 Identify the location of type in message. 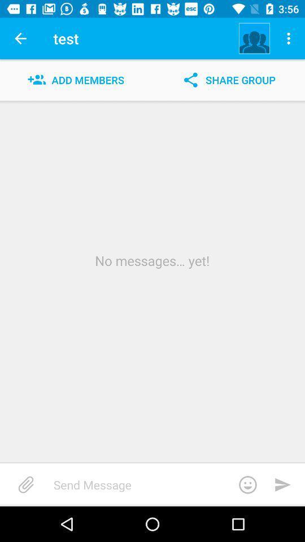
(159, 484).